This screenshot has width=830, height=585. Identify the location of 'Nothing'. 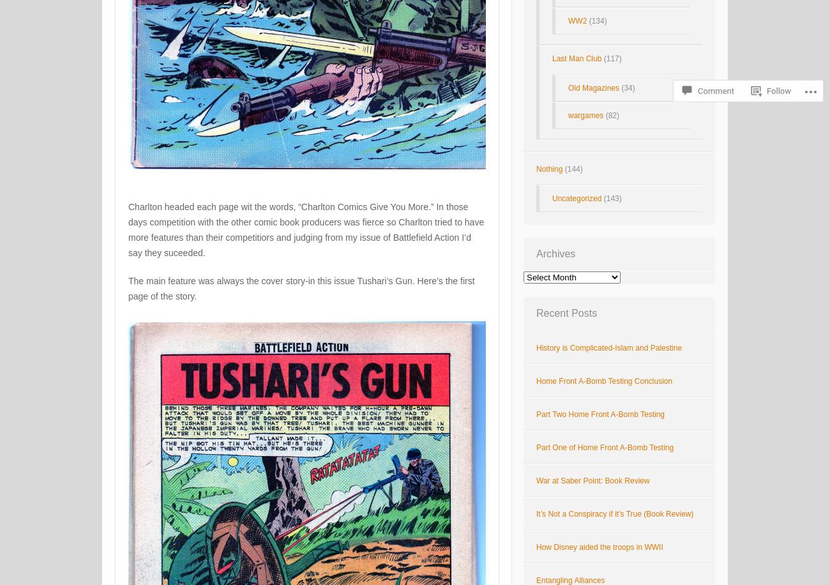
(549, 169).